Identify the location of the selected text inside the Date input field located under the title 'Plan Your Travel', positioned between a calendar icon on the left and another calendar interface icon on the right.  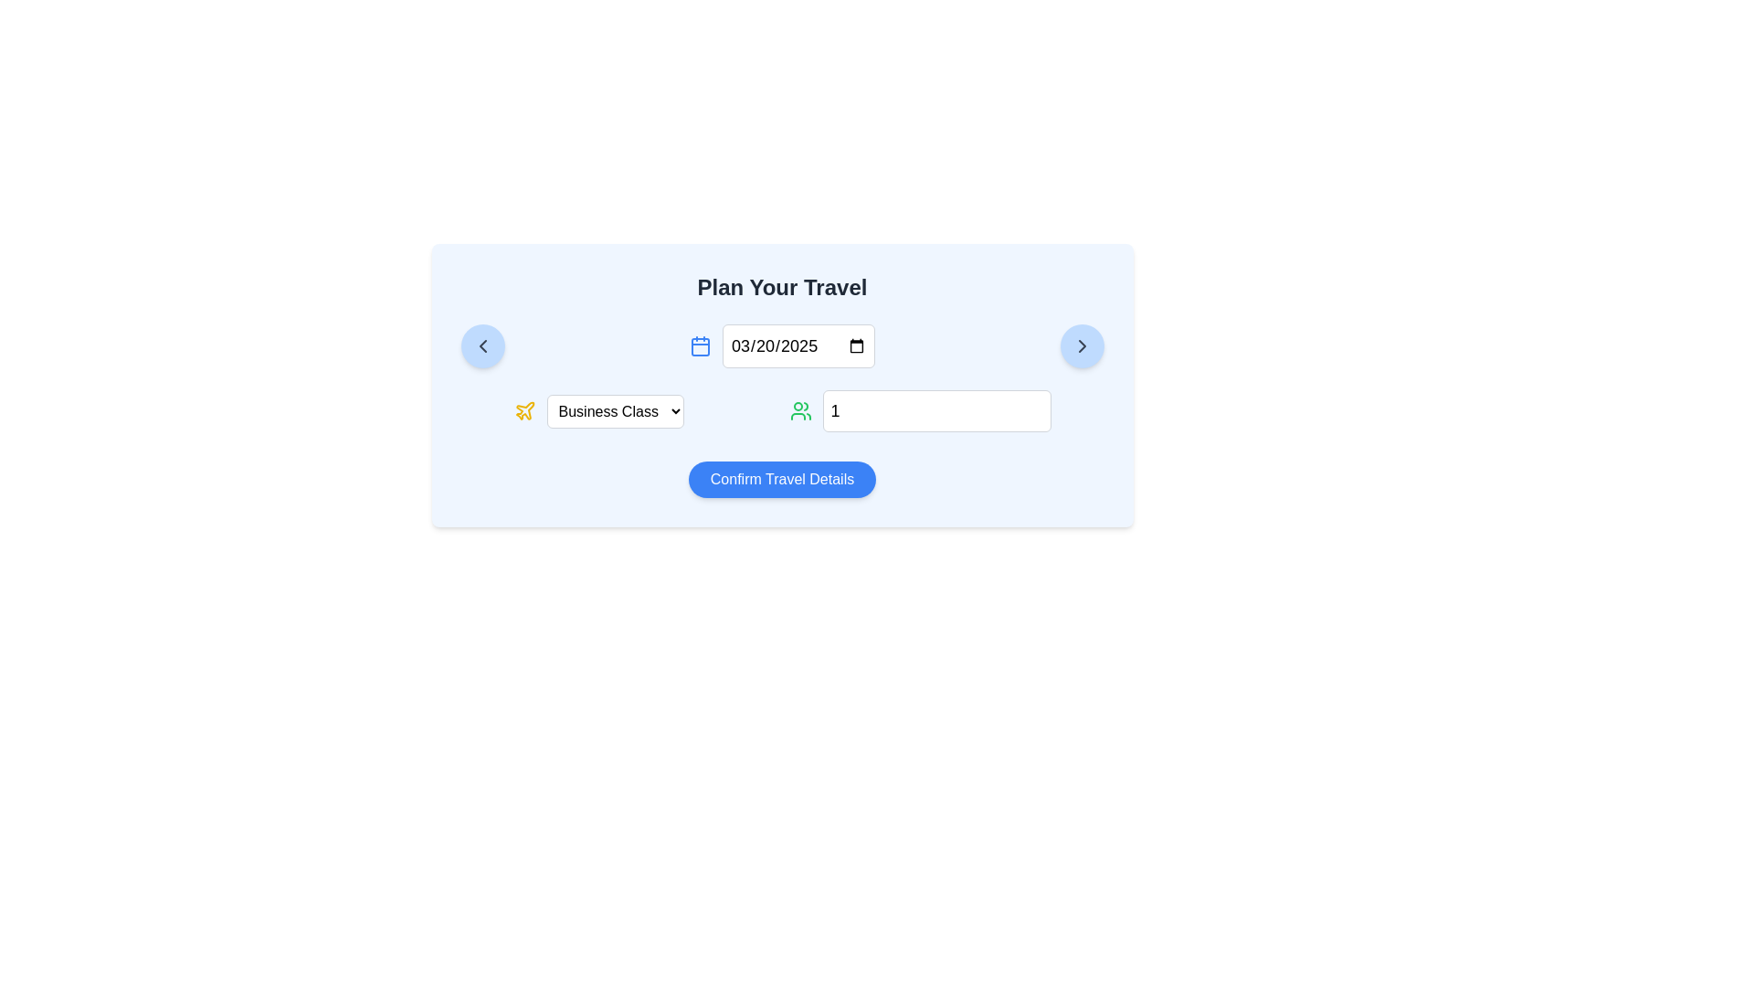
(798, 345).